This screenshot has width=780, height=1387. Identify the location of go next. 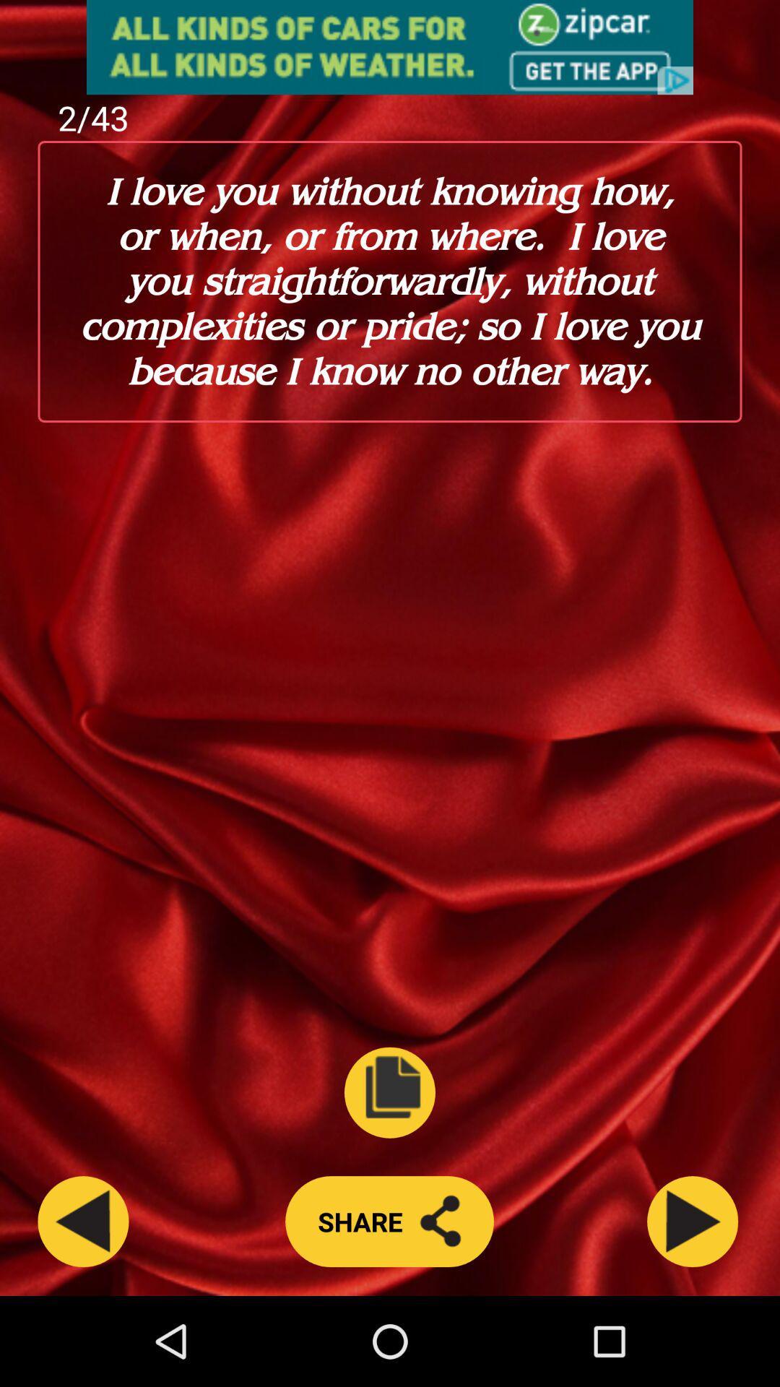
(692, 1221).